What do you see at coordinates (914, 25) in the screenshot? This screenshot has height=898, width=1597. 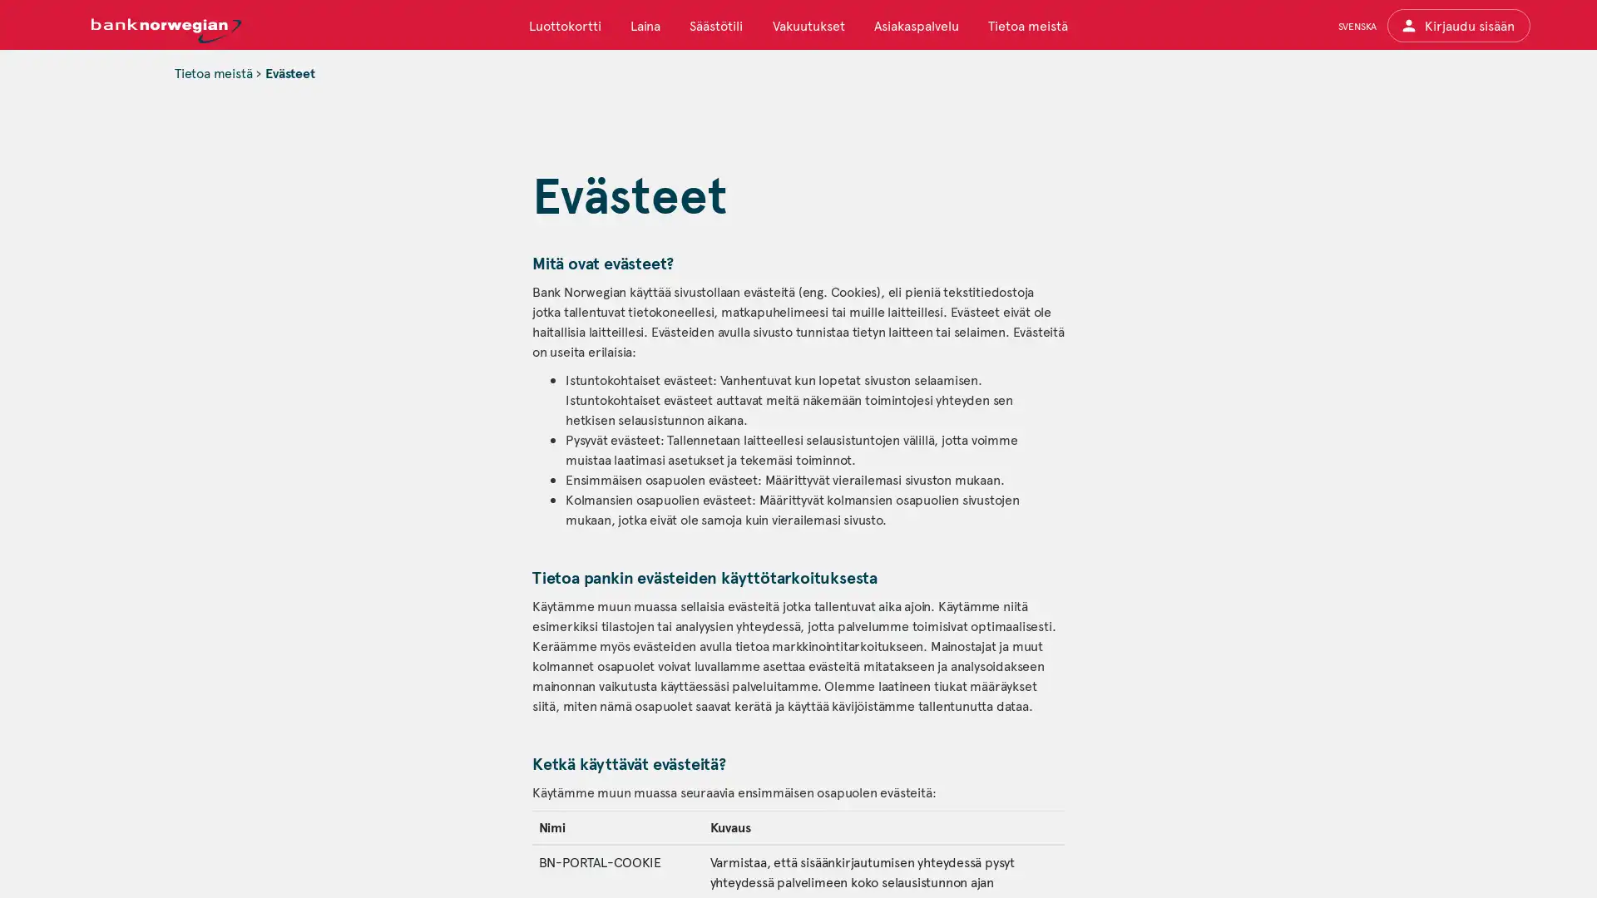 I see `Asiakaspalvelu` at bounding box center [914, 25].